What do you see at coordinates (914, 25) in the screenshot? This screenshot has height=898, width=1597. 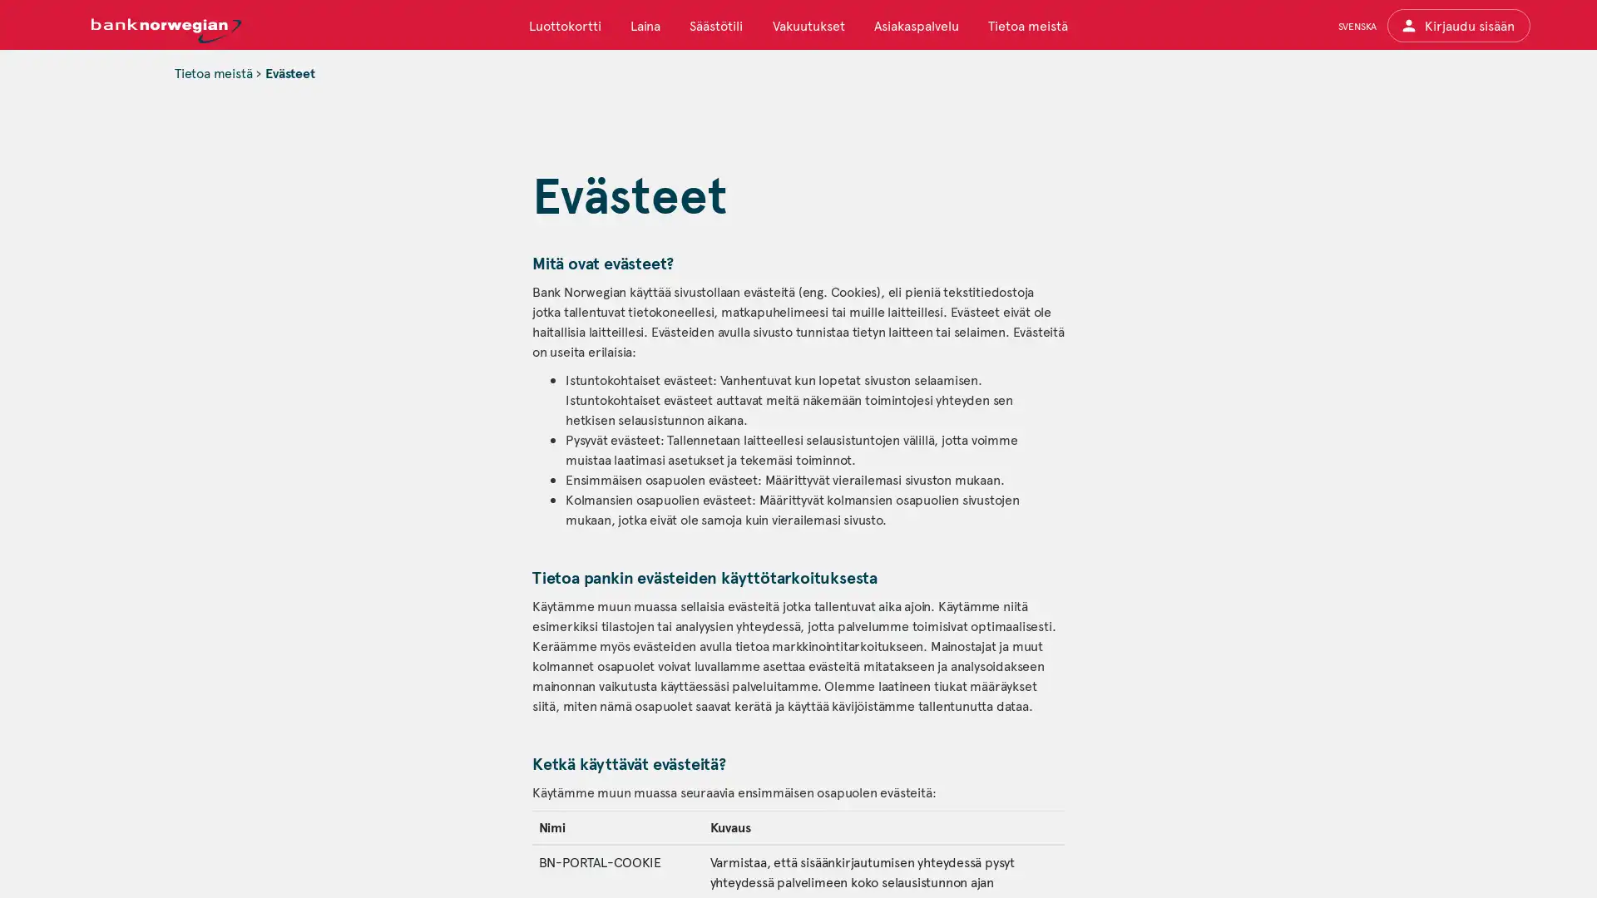 I see `Asiakaspalvelu` at bounding box center [914, 25].